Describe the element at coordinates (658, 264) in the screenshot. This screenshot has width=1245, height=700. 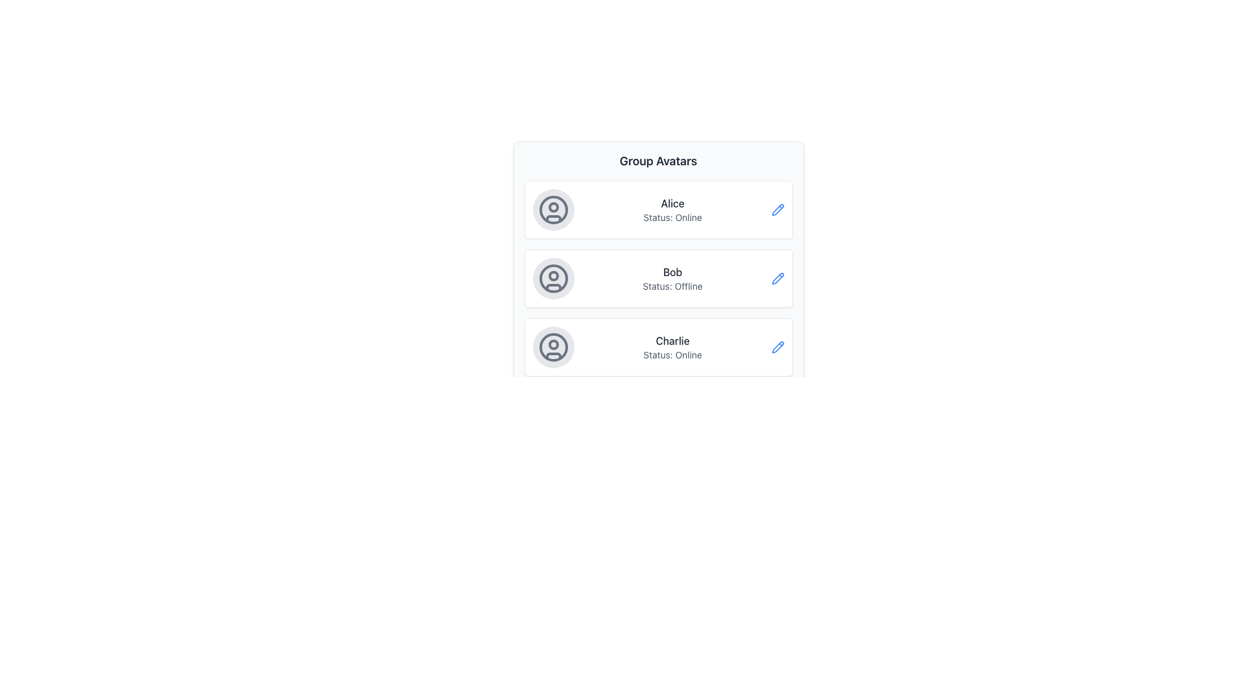
I see `the information displayed in the second List Item of the group list, which shows the user's name 'Bob' and status 'Offline'` at that location.